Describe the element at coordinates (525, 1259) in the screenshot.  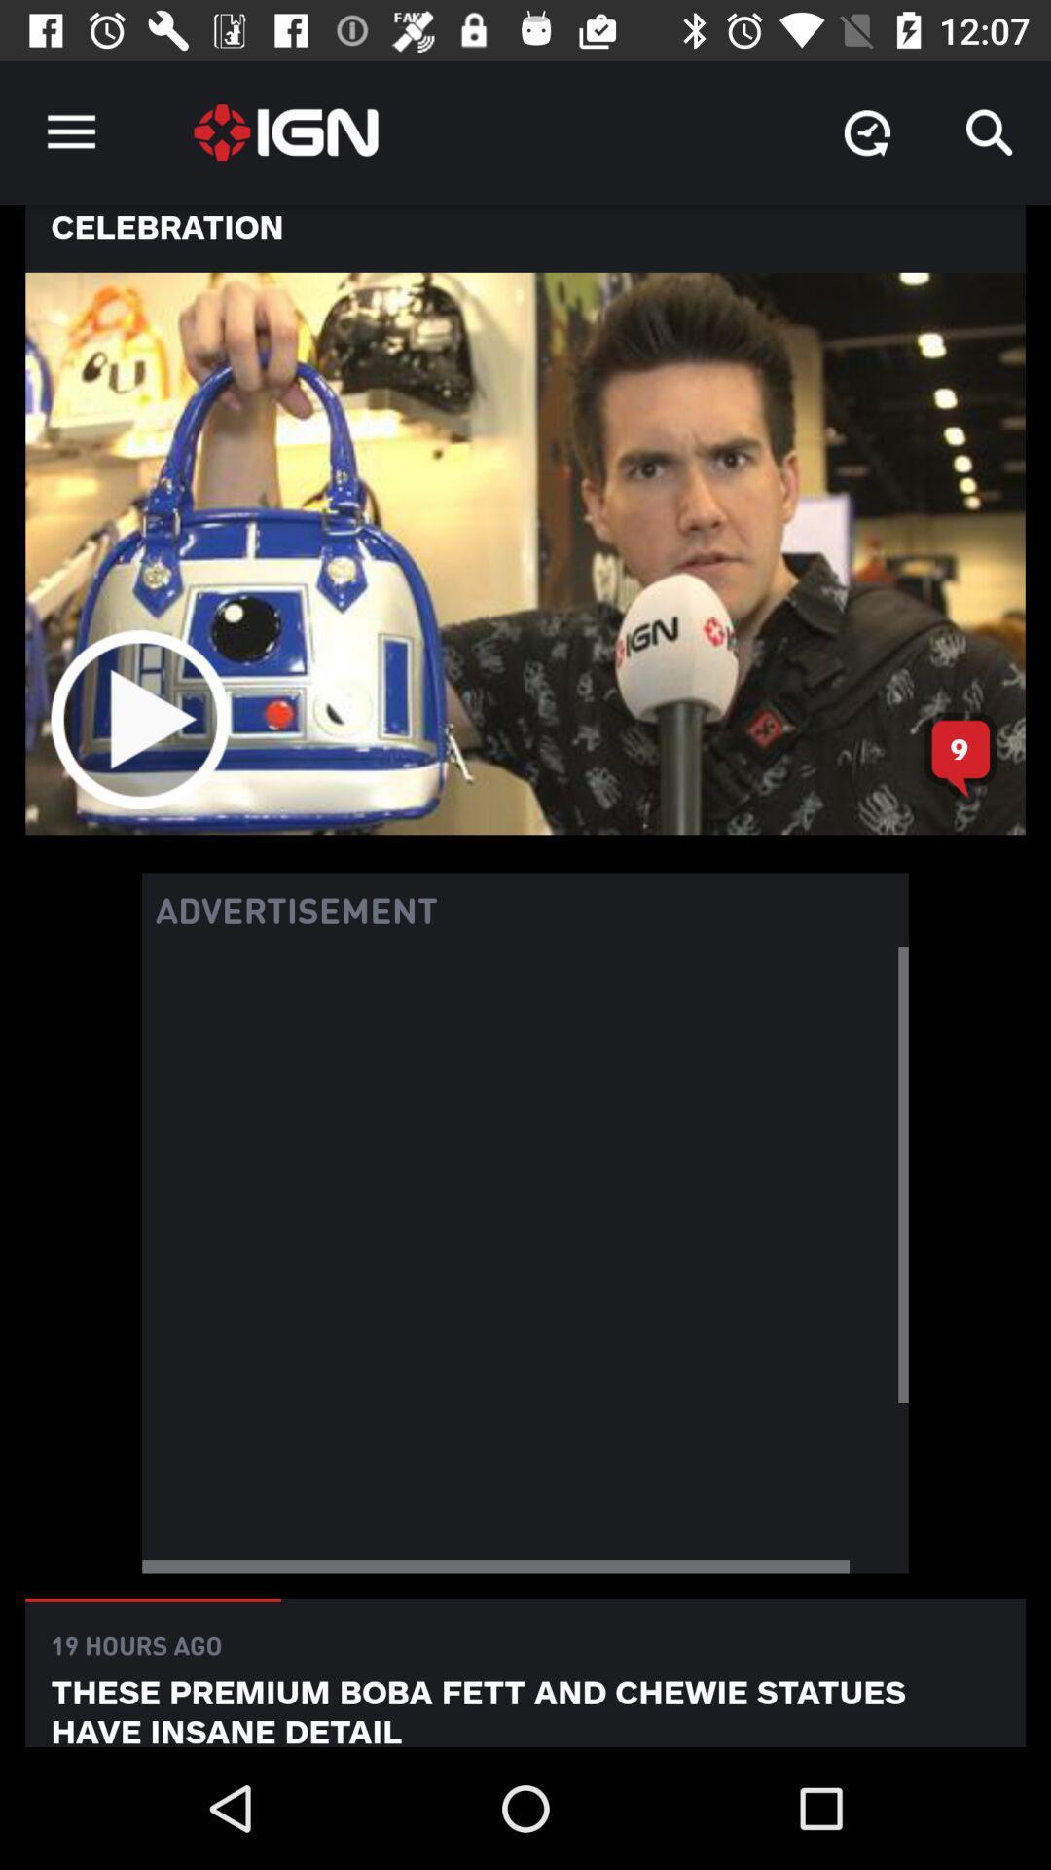
I see `advertisement` at that location.